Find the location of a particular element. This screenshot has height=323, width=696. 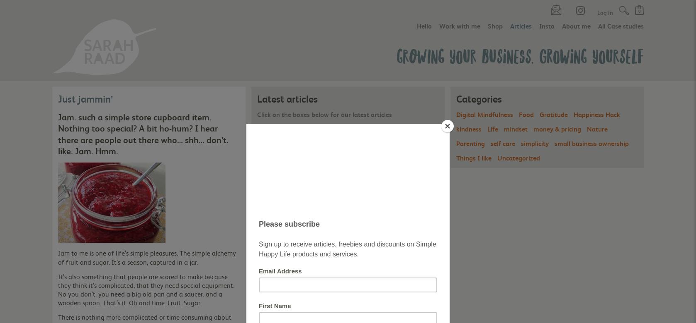

'mindset' is located at coordinates (516, 128).